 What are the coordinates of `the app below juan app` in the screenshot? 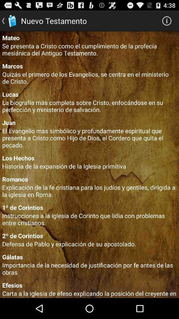 It's located at (89, 138).